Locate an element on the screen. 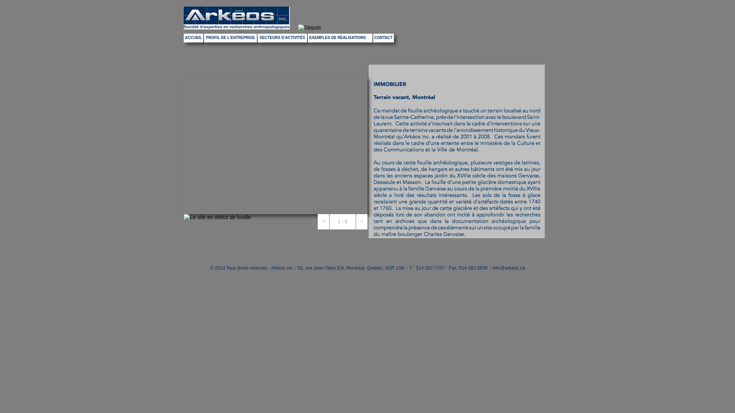 The width and height of the screenshot is (735, 413). 'PROFIL DE L'ENTREPRISE' is located at coordinates (230, 38).